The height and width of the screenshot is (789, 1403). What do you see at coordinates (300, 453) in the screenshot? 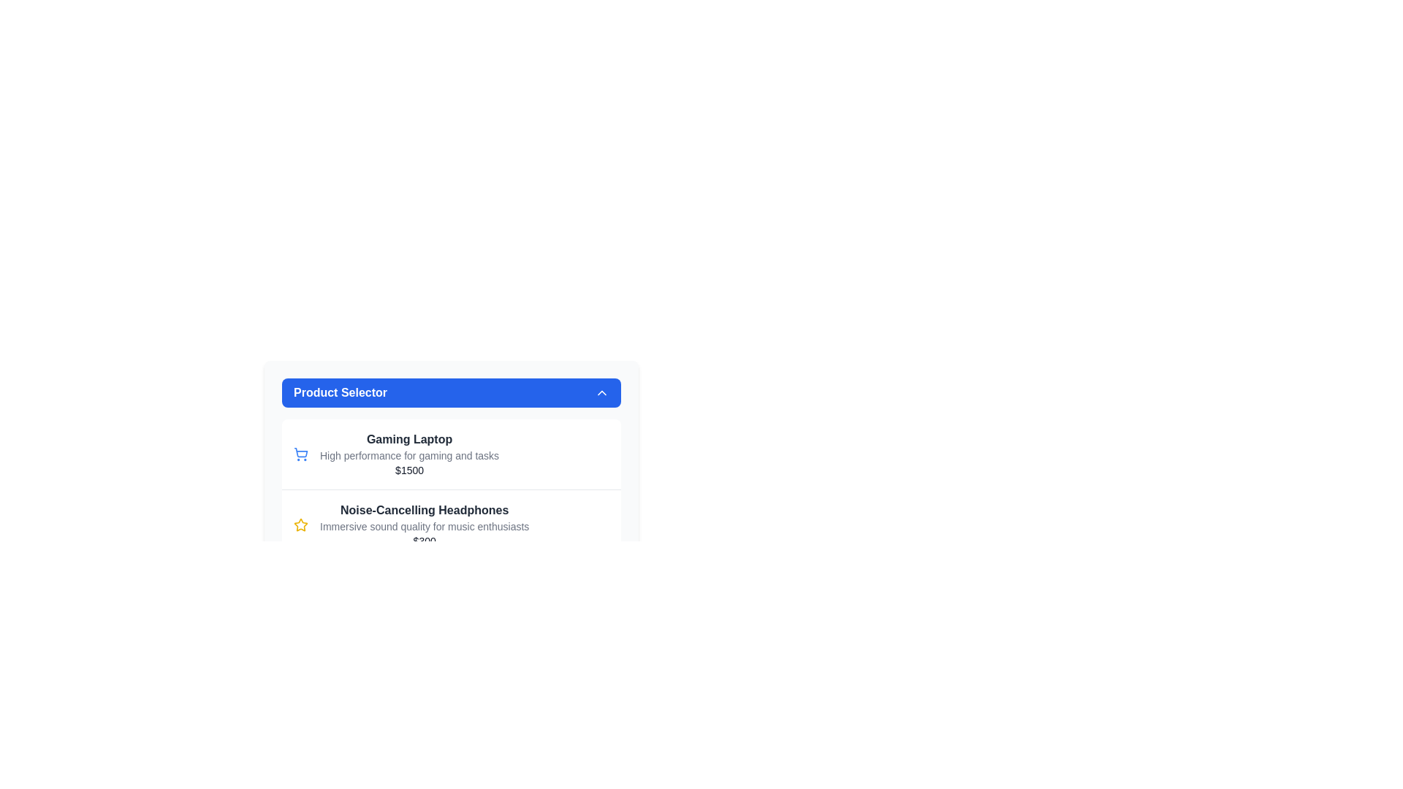
I see `the blue shopping cart icon located to the left of the 'Gaming Laptop' text, slightly above it` at bounding box center [300, 453].